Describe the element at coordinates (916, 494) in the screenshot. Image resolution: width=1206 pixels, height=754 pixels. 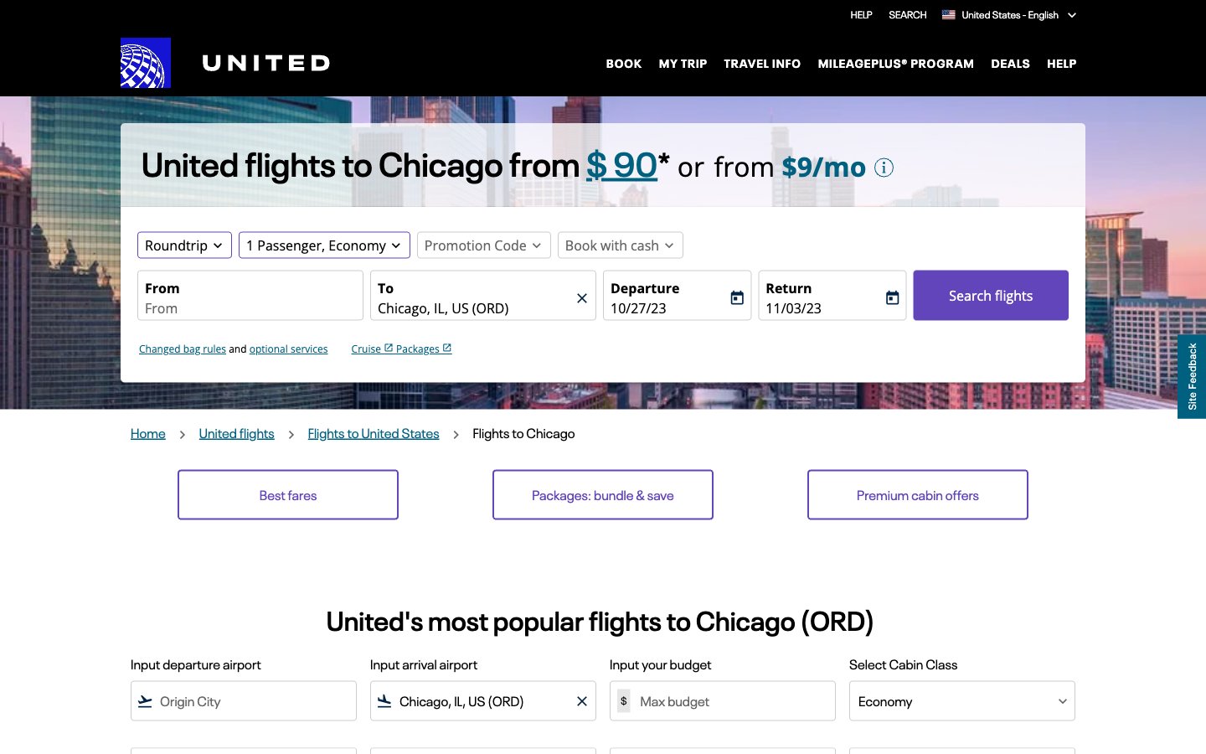
I see `Premium Cabin Deals` at that location.